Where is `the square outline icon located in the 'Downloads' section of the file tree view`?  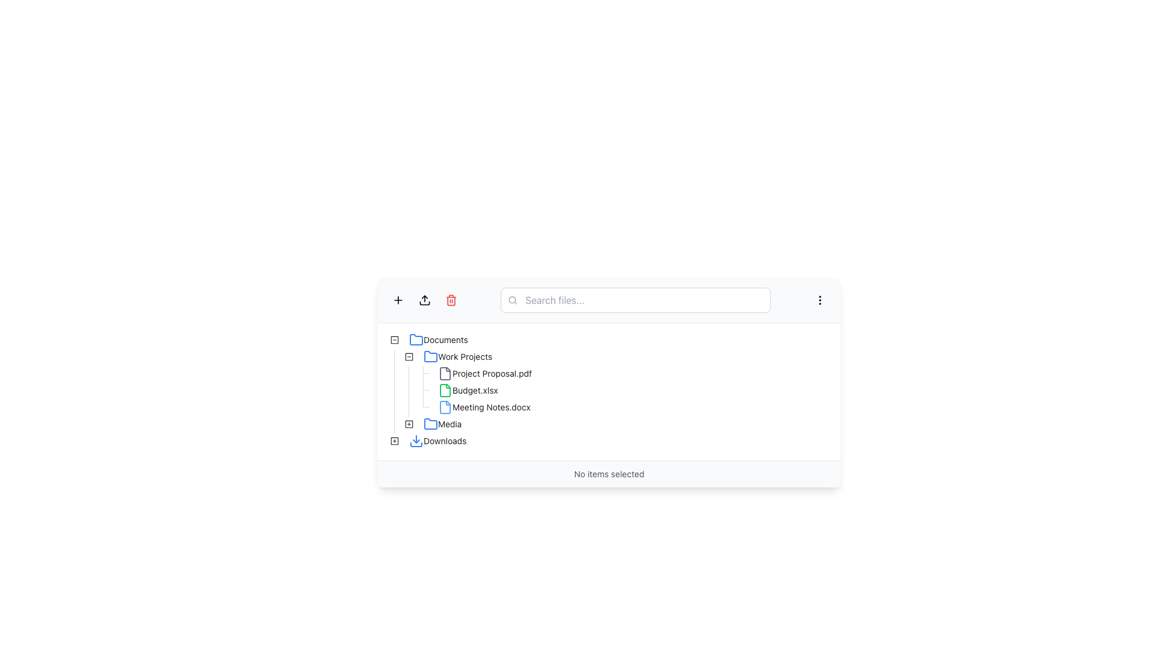 the square outline icon located in the 'Downloads' section of the file tree view is located at coordinates (394, 441).